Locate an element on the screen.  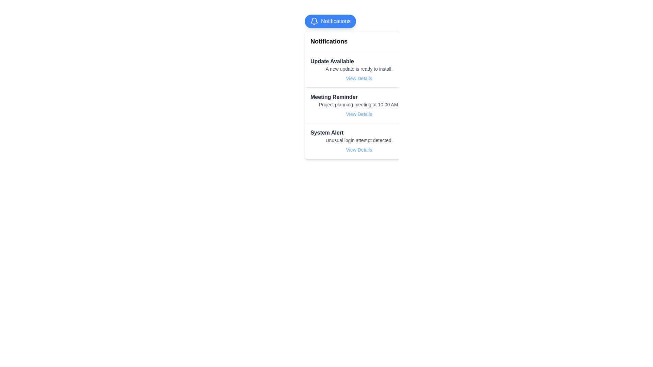
title 'Meeting Reminder' and the description 'Project planning meeting at 10:00 AM.' from the second notification card in the notification list is located at coordinates (359, 105).